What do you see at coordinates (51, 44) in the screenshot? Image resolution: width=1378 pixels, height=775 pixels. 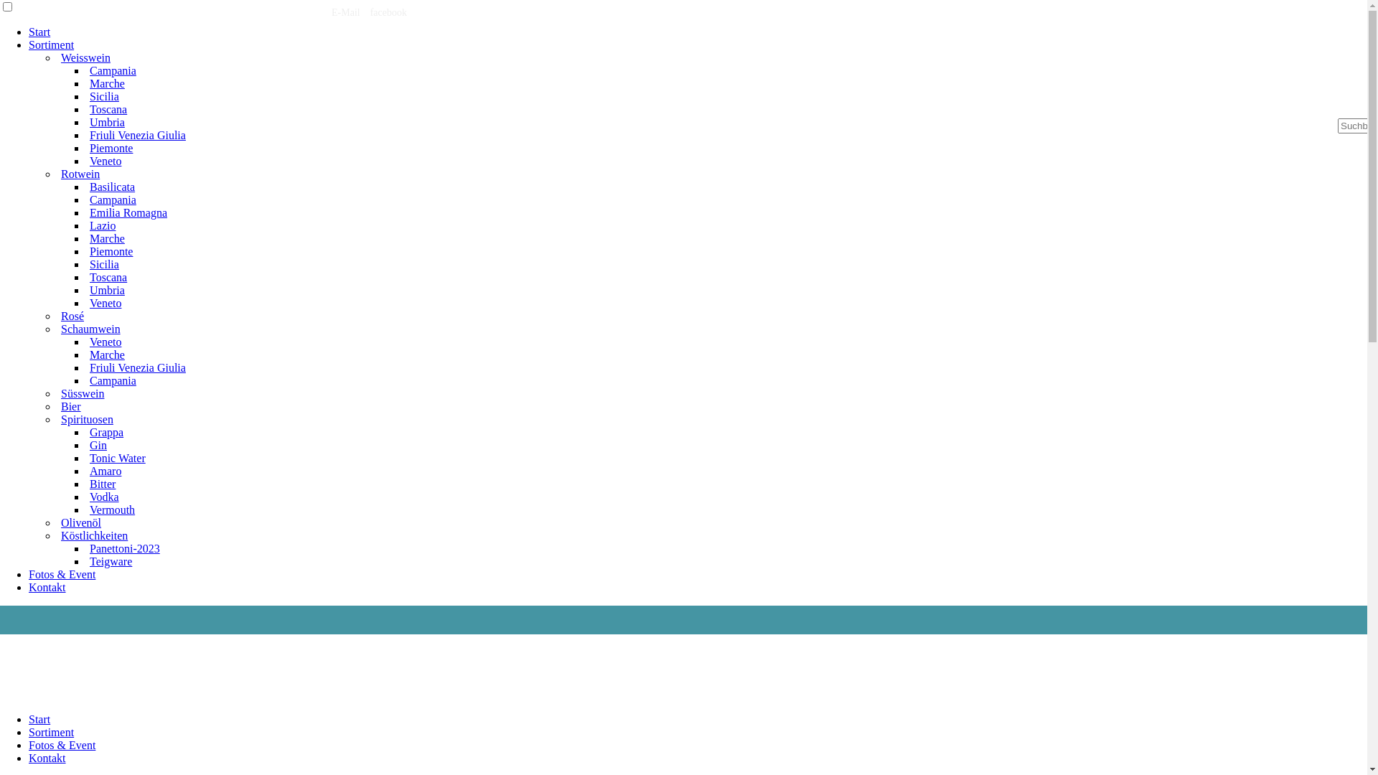 I see `'Sortiment'` at bounding box center [51, 44].